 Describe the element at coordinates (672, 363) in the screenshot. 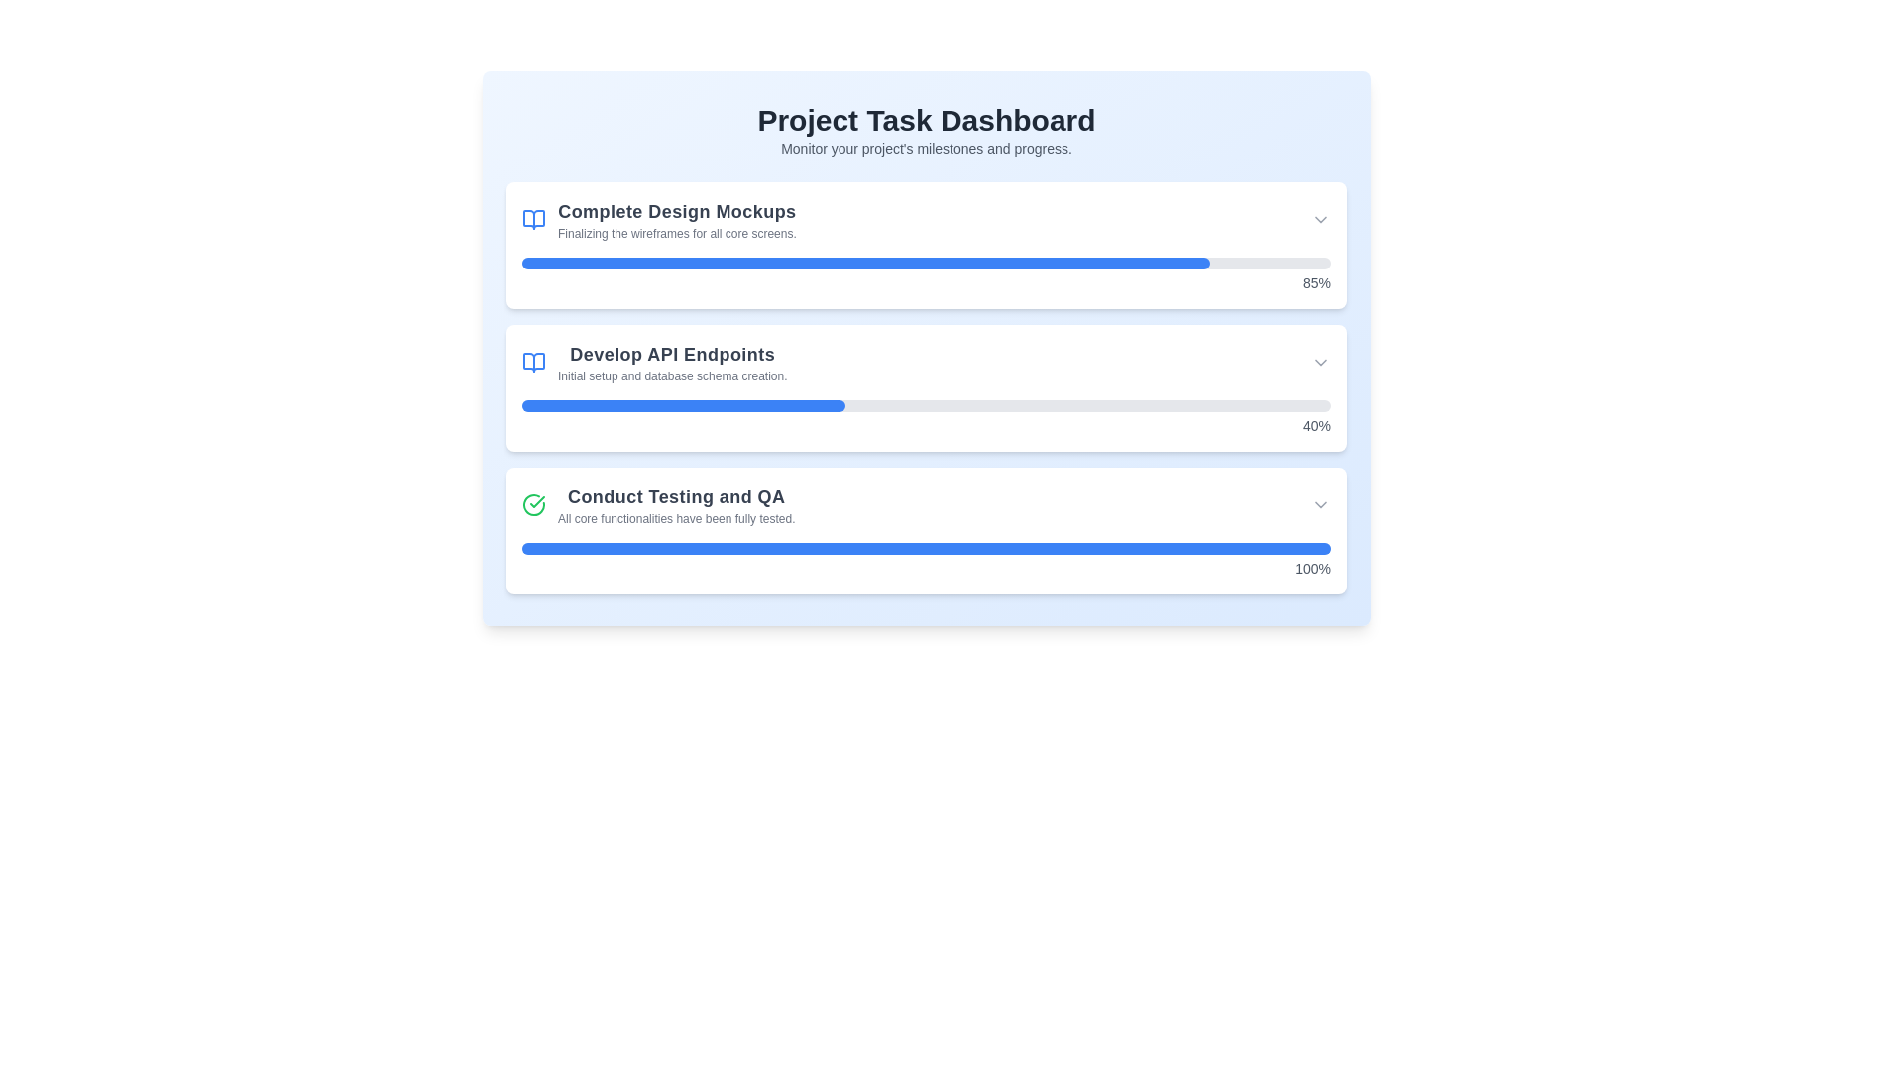

I see `the Text and description block that reads 'Develop API Endpoints', which is styled with a bold font and larger size, located within the 'Project Task Dashboard'` at that location.